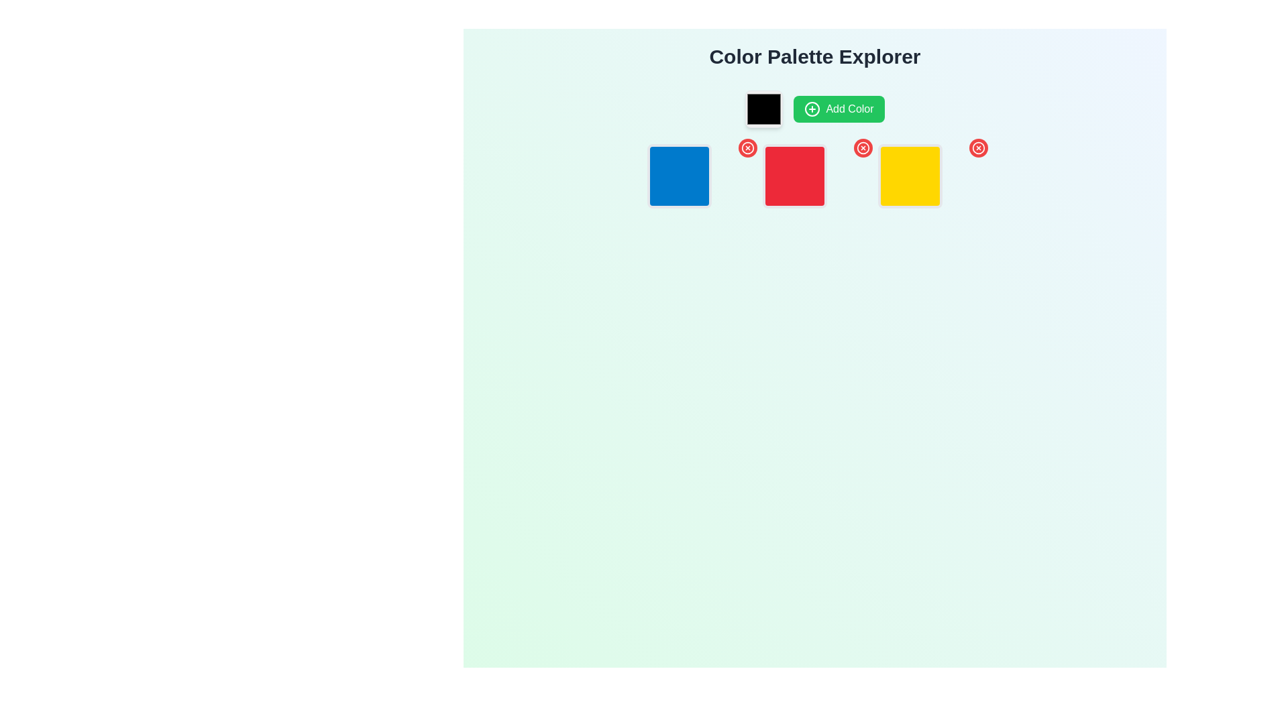 This screenshot has height=724, width=1288. I want to click on the icon inside the 'Add Color' button, so click(812, 108).